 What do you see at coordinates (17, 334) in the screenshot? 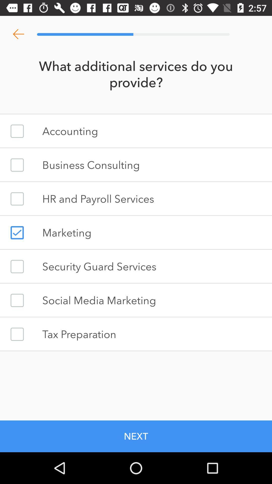
I see `switch to select` at bounding box center [17, 334].